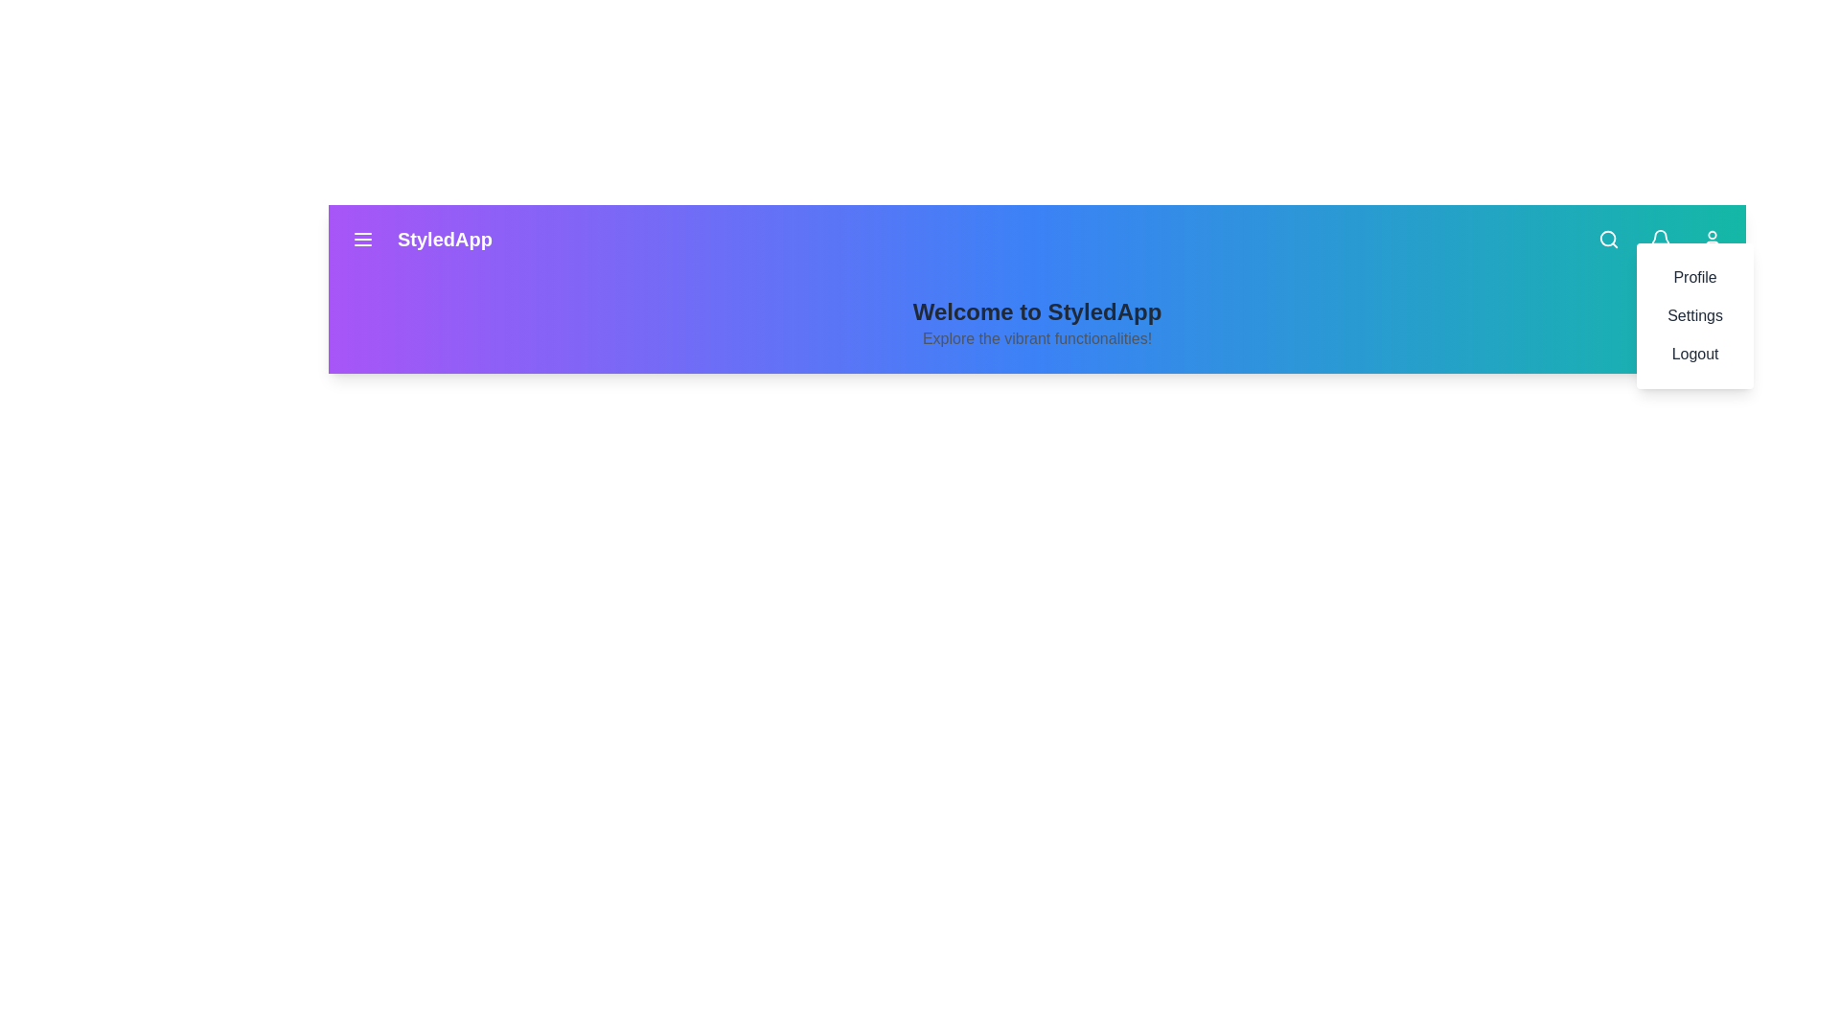 The width and height of the screenshot is (1840, 1035). I want to click on the menu icon to open the menu, so click(363, 239).